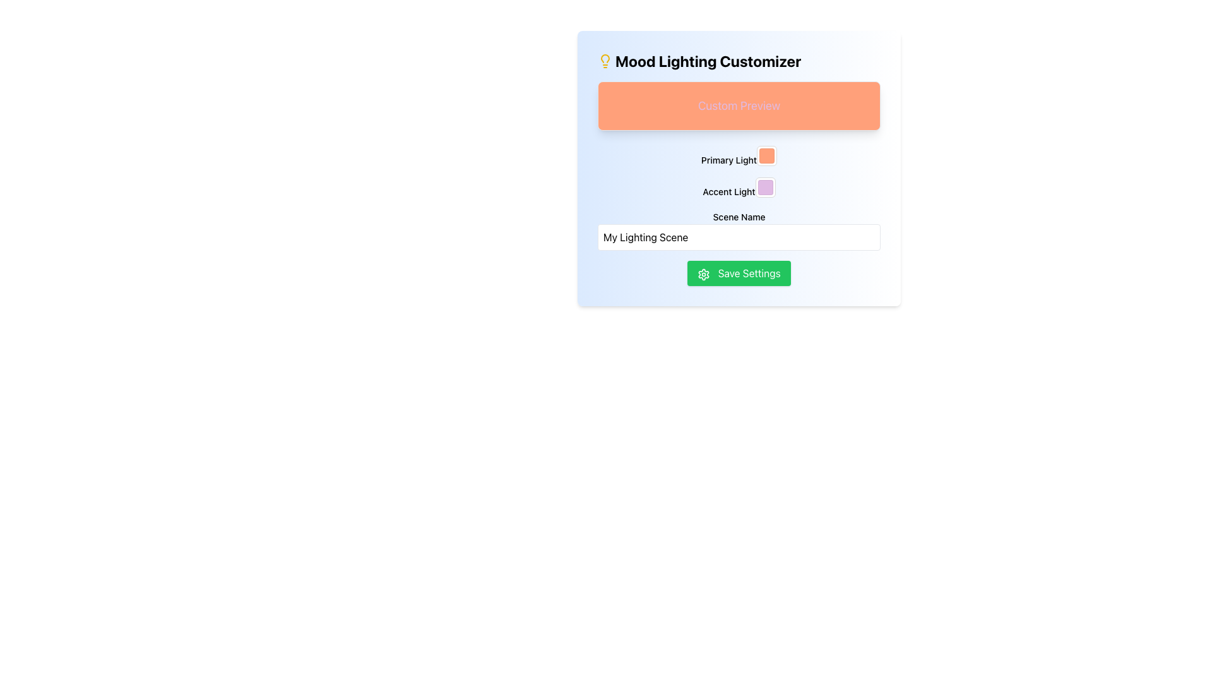 This screenshot has width=1212, height=682. What do you see at coordinates (739, 216) in the screenshot?
I see `the label that describes the purpose of the text input field for entering or displaying the name of a lighting scene, which is located above the 'My Lighting Scene' input field` at bounding box center [739, 216].